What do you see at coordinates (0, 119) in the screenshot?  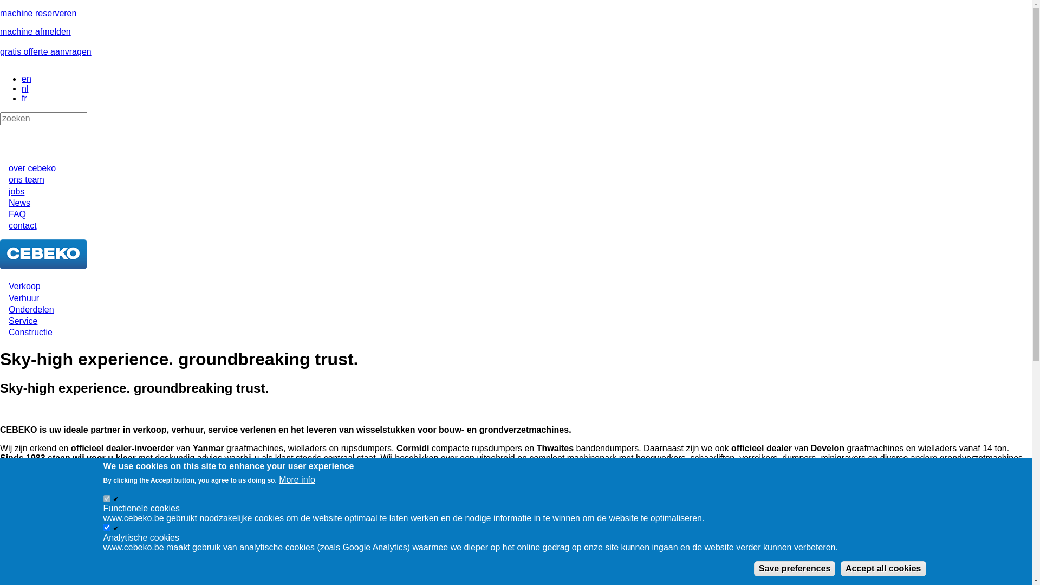 I see `'Geef de woorden op waarnaar u wilt zoeken.'` at bounding box center [0, 119].